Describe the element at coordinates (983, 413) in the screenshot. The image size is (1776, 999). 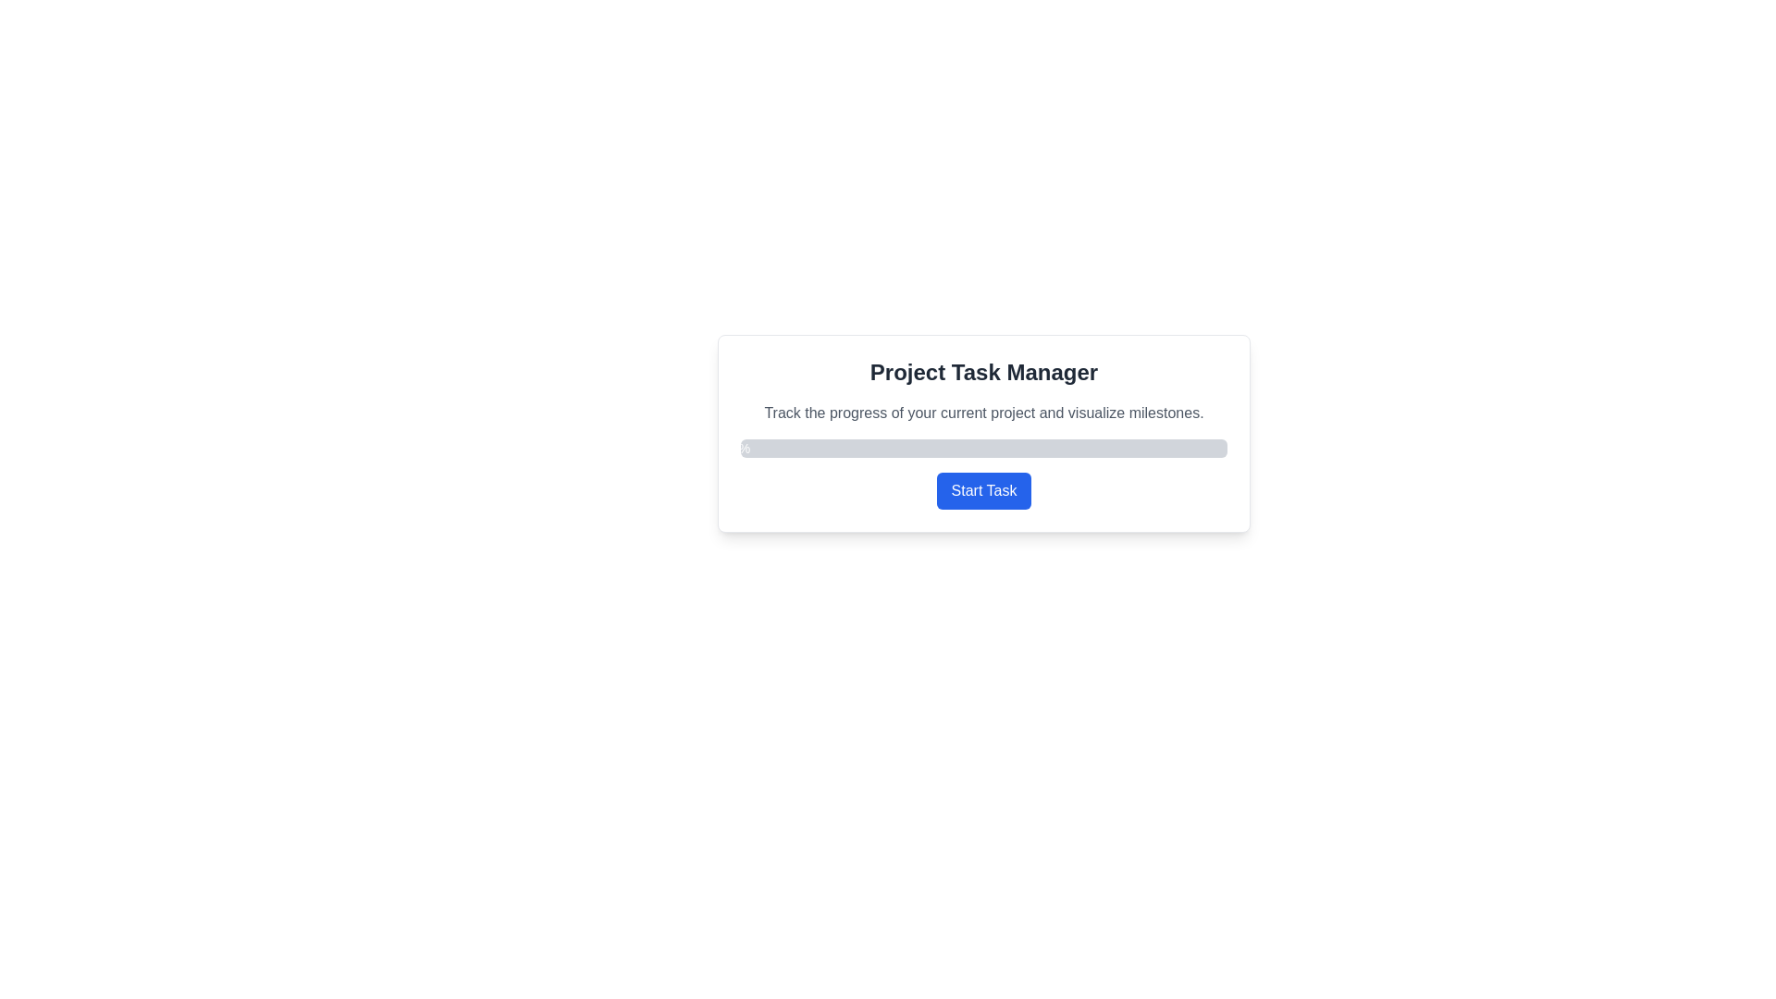
I see `the text label that reads 'Track the progress of your current project and visualize milestones.', which is styled in gray and positioned below the header 'Project Task Manager'` at that location.